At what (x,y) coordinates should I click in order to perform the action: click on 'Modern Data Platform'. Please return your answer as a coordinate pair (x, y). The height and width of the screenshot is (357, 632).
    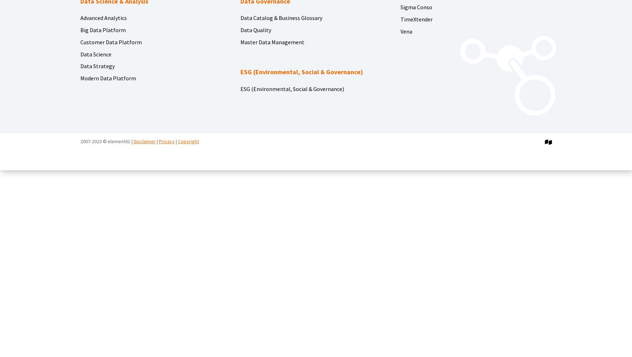
    Looking at the image, I should click on (108, 78).